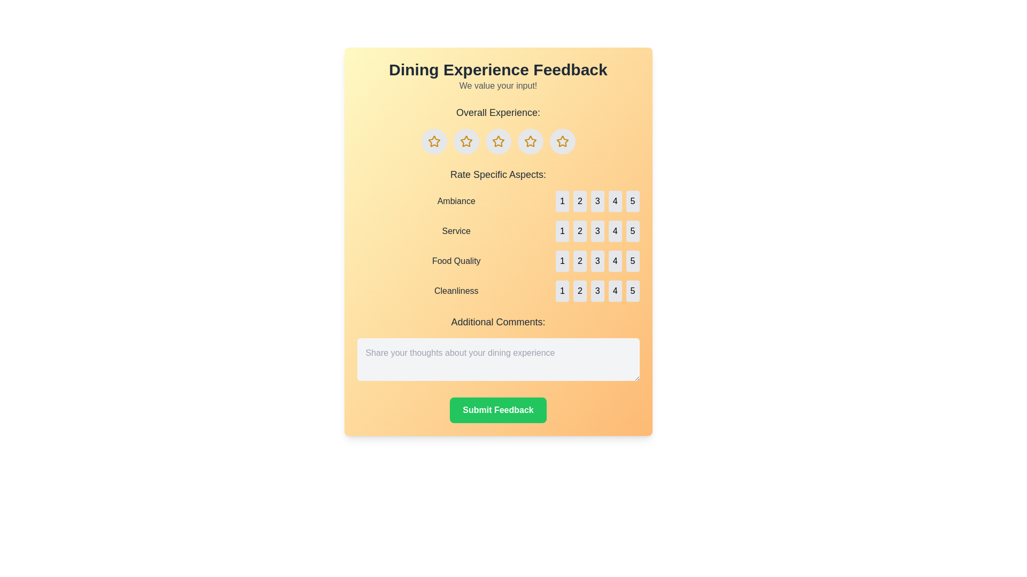 This screenshot has height=577, width=1027. I want to click on the second button in the horizontal group of five buttons under the 'Service' rating section, so click(579, 230).